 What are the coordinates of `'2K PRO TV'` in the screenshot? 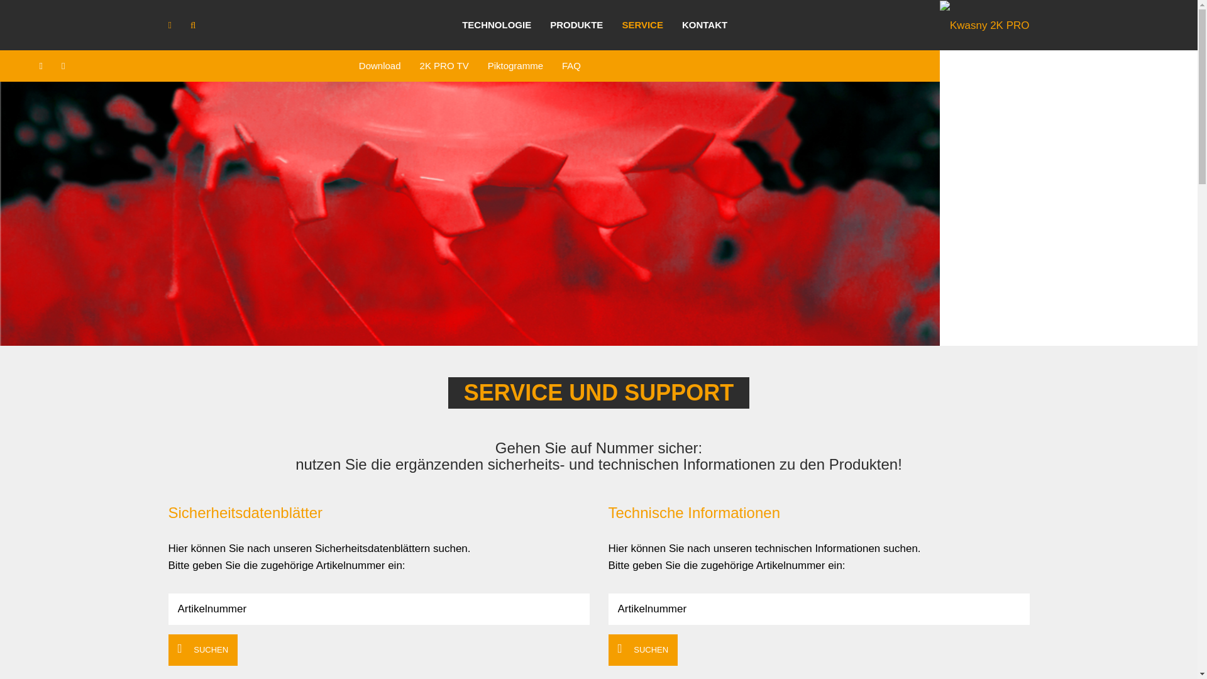 It's located at (444, 65).